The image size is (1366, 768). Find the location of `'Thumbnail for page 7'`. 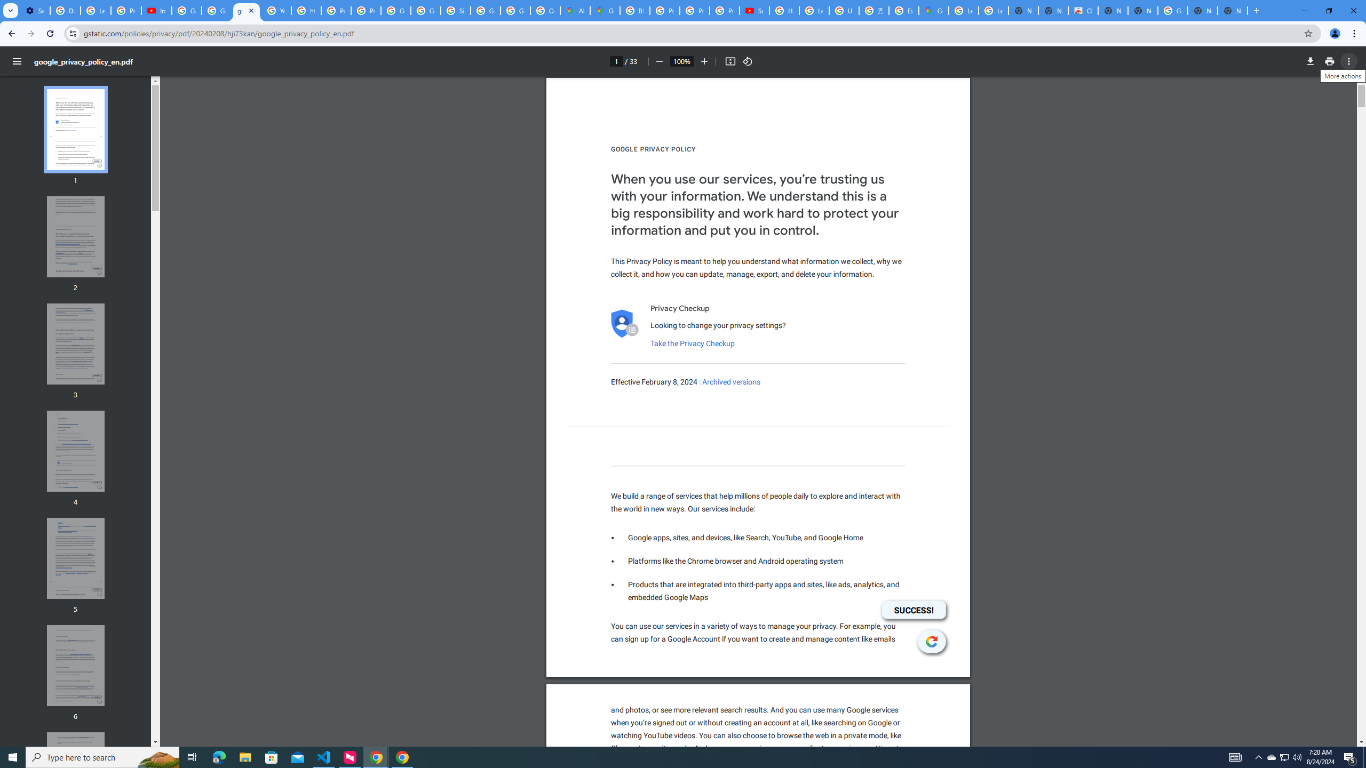

'Thumbnail for page 7' is located at coordinates (76, 768).